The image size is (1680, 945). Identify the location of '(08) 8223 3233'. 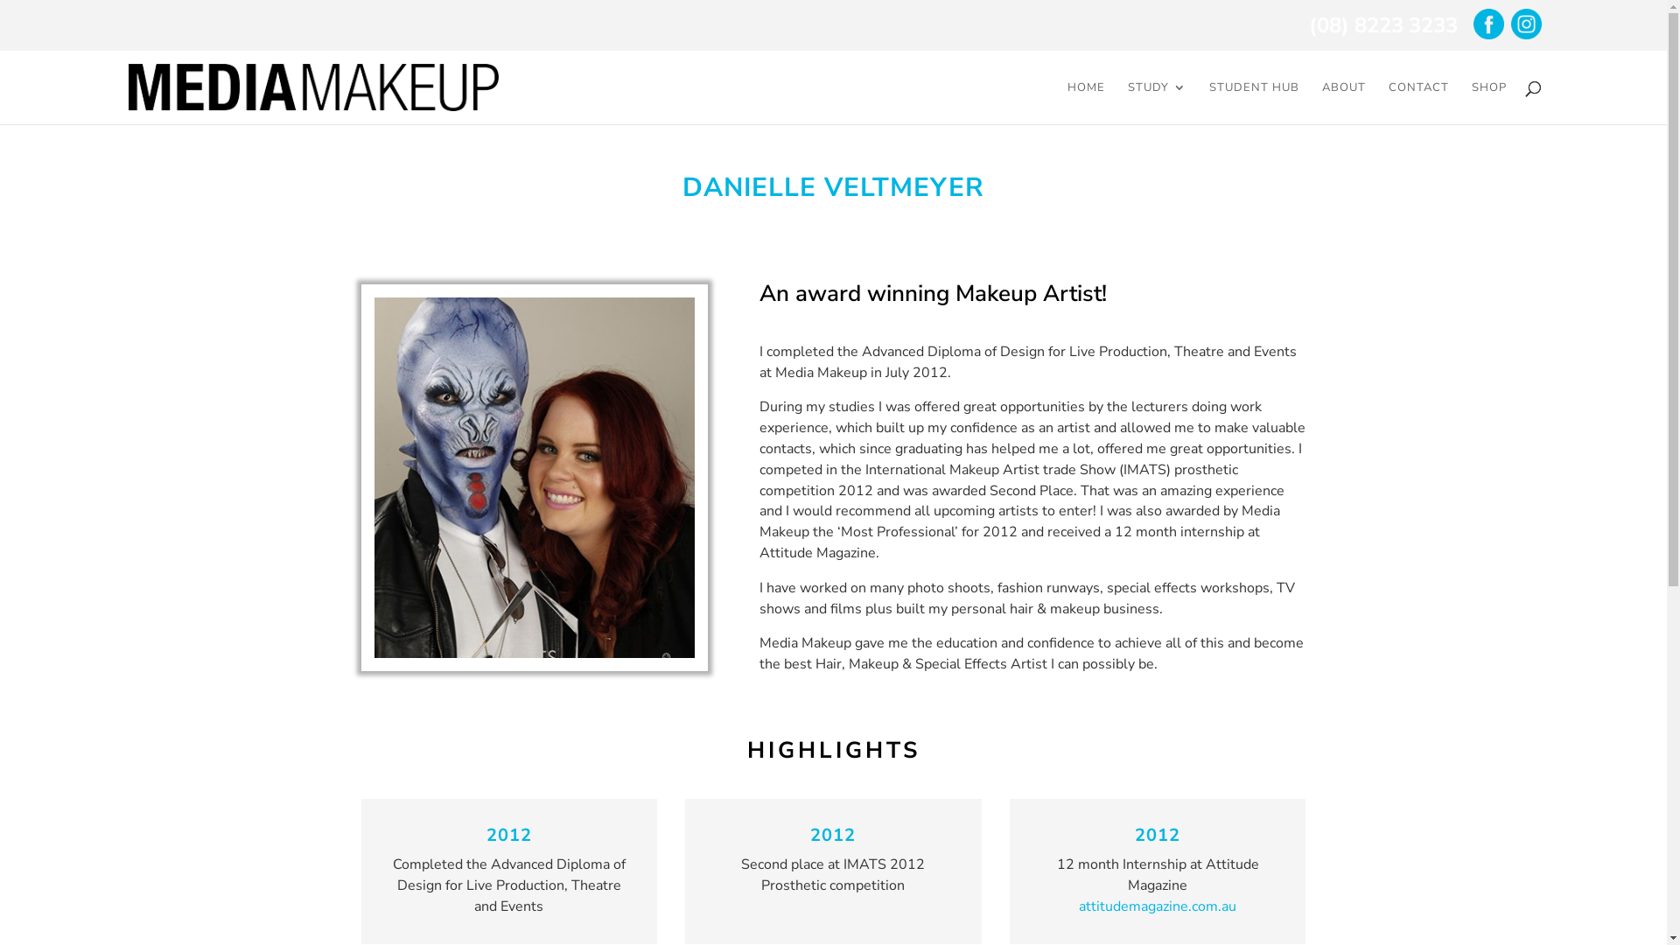
(1382, 24).